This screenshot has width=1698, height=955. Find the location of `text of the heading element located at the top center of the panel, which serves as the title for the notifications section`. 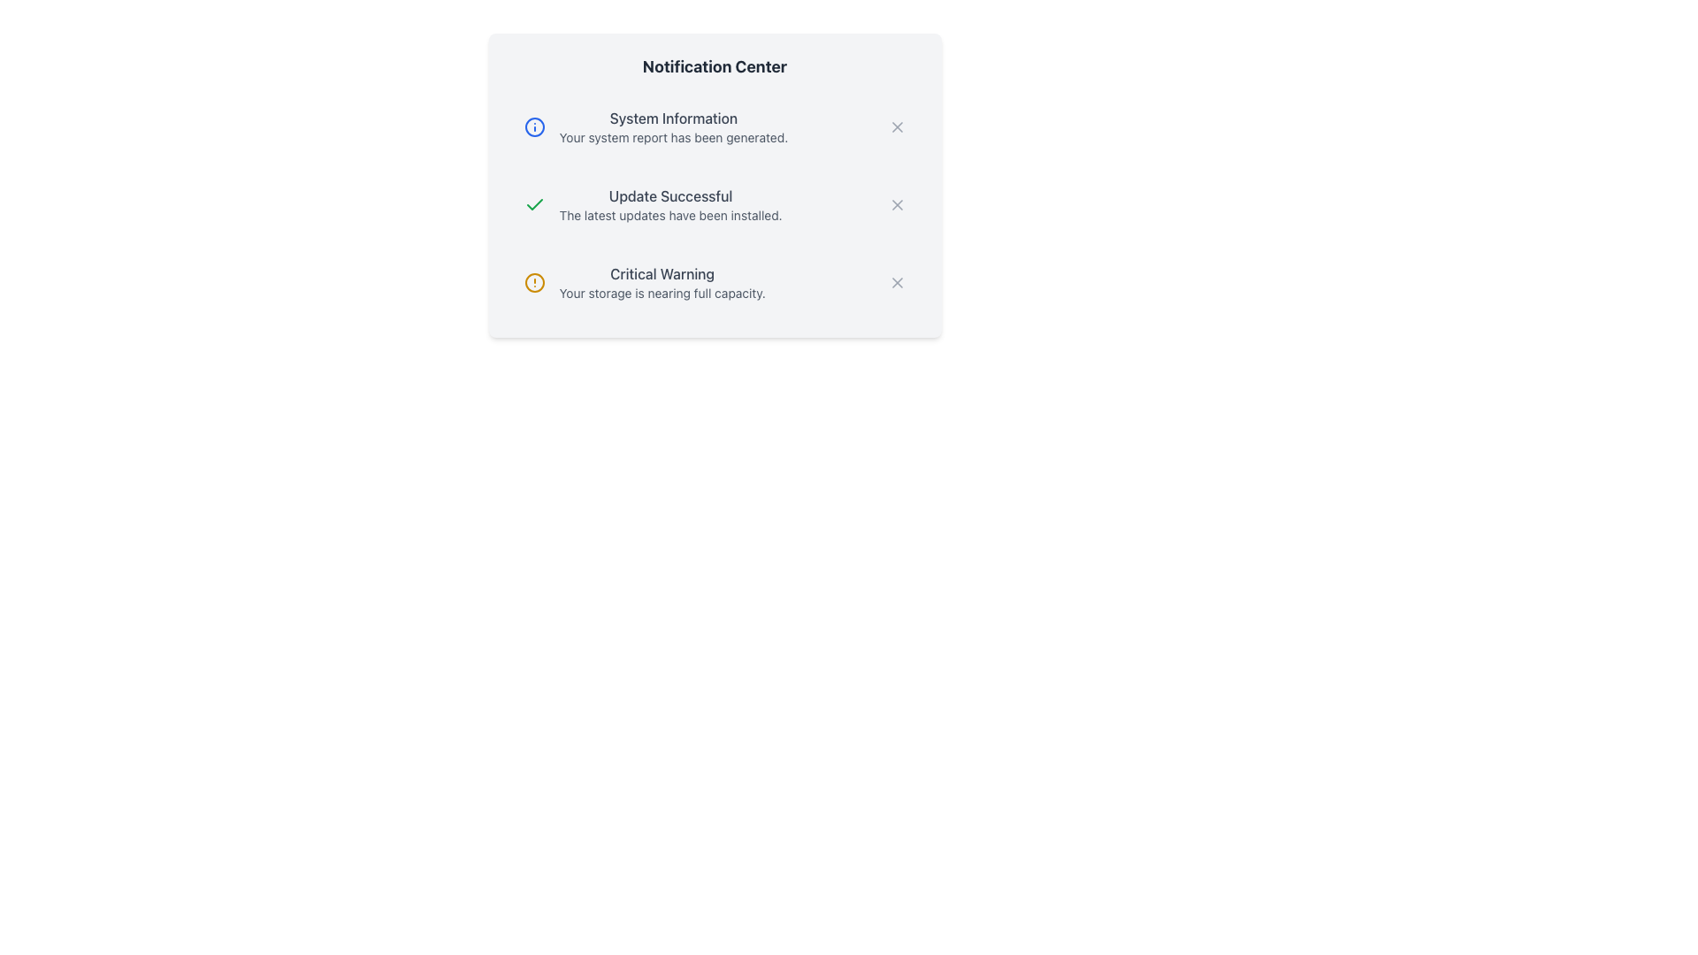

text of the heading element located at the top center of the panel, which serves as the title for the notifications section is located at coordinates (715, 66).